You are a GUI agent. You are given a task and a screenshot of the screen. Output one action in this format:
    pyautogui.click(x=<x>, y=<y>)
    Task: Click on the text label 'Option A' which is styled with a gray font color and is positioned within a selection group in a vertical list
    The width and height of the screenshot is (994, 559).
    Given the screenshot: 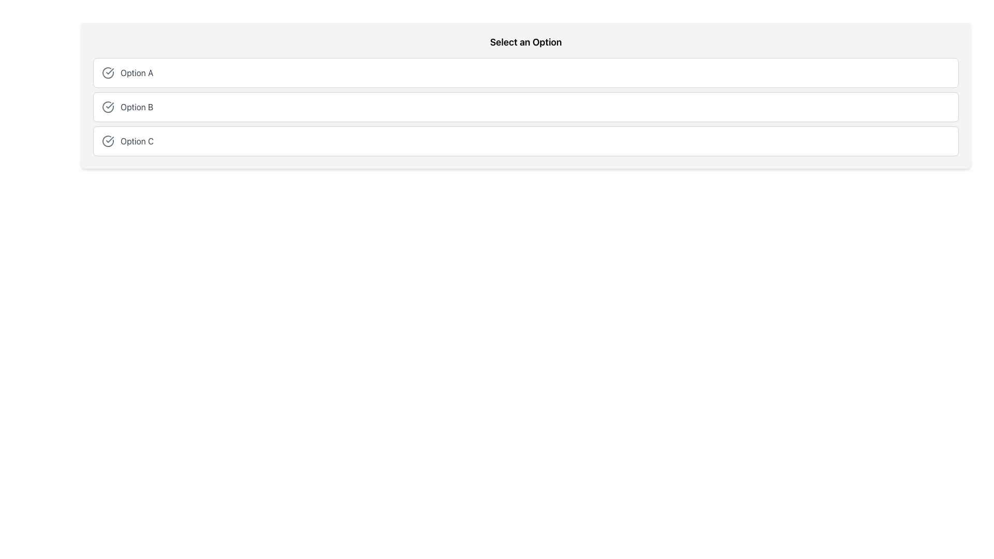 What is the action you would take?
    pyautogui.click(x=136, y=72)
    